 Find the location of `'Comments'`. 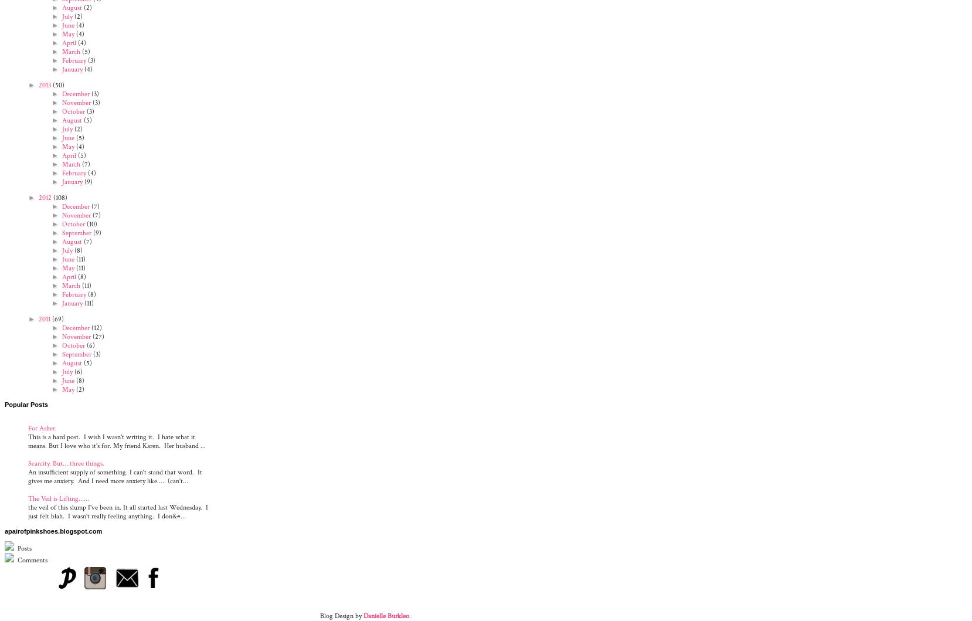

'Comments' is located at coordinates (31, 559).